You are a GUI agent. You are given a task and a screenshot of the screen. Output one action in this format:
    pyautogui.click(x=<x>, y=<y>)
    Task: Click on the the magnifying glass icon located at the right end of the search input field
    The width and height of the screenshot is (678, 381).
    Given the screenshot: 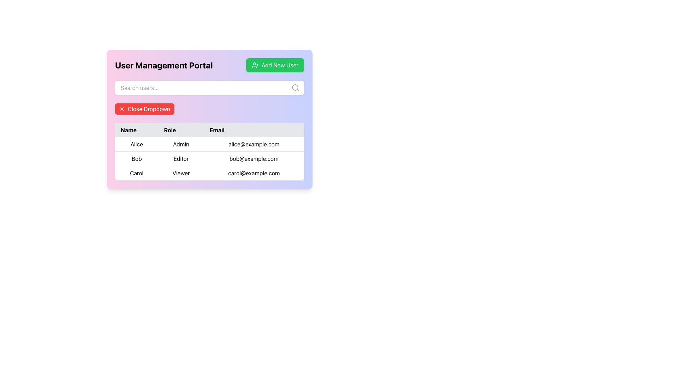 What is the action you would take?
    pyautogui.click(x=295, y=87)
    